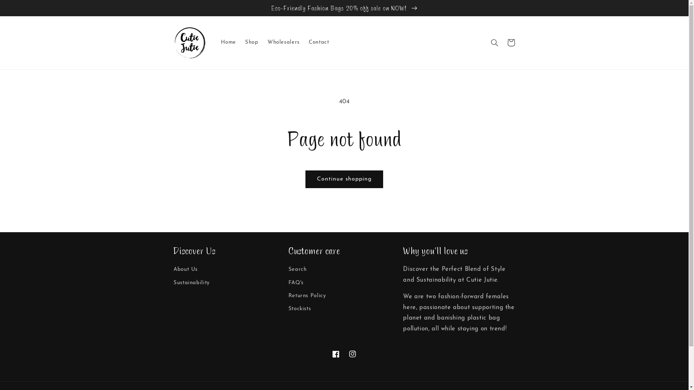 This screenshot has height=390, width=694. I want to click on 'Returns Policy', so click(288, 296).